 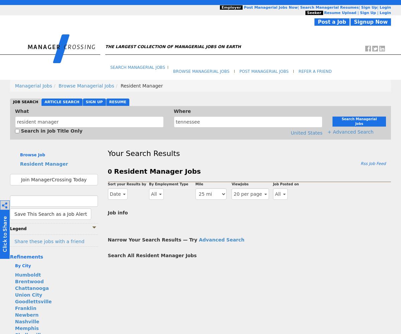 What do you see at coordinates (110, 67) in the screenshot?
I see `'Search
										Managerial										Jobs'` at bounding box center [110, 67].